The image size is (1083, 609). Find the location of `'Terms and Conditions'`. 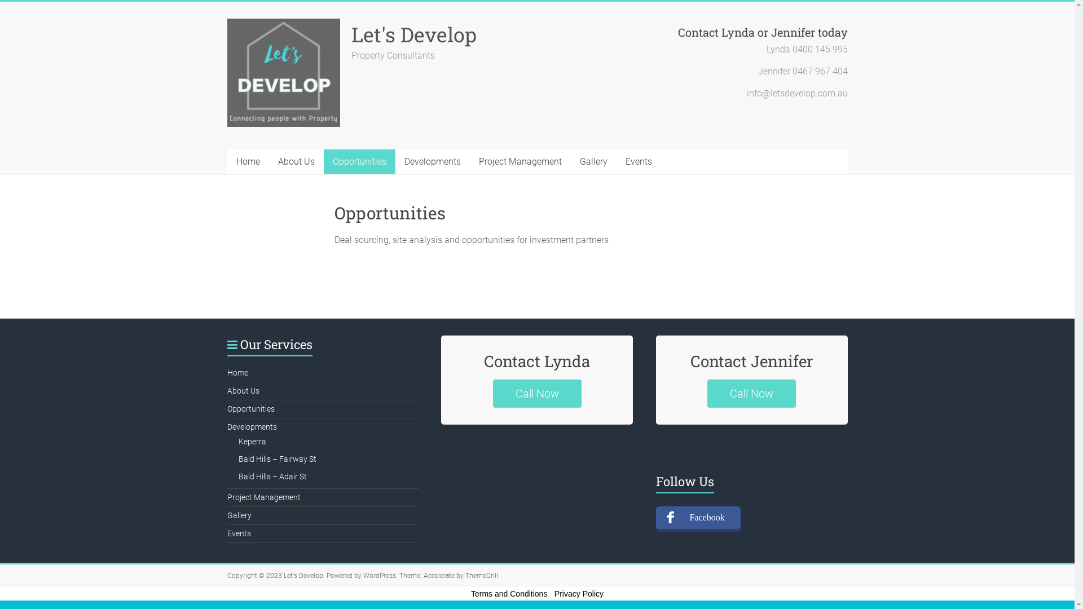

'Terms and Conditions' is located at coordinates (508, 593).